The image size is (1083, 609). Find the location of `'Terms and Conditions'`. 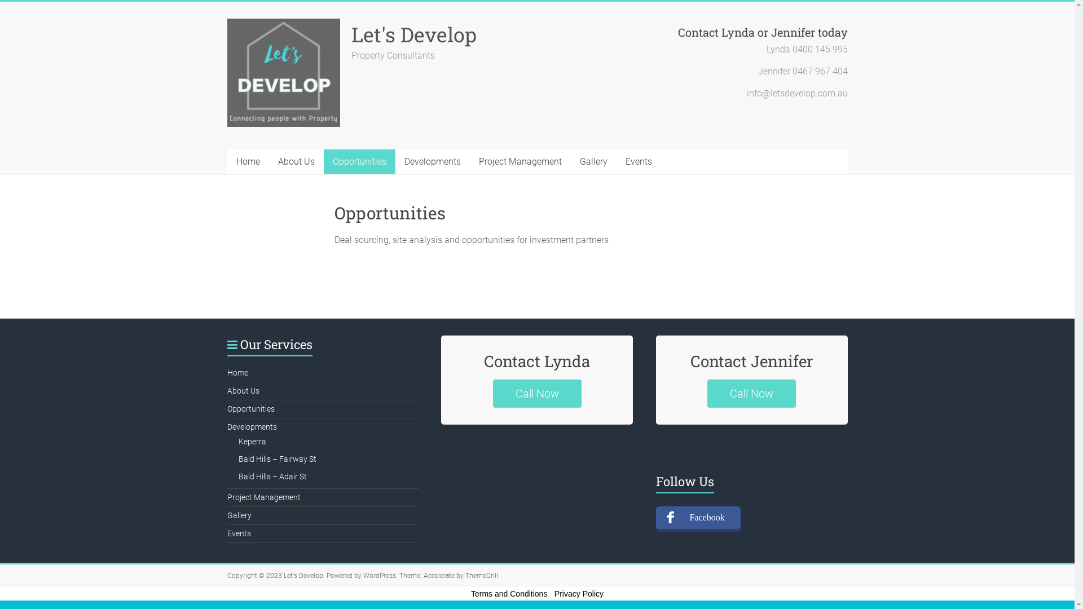

'Terms and Conditions' is located at coordinates (508, 593).